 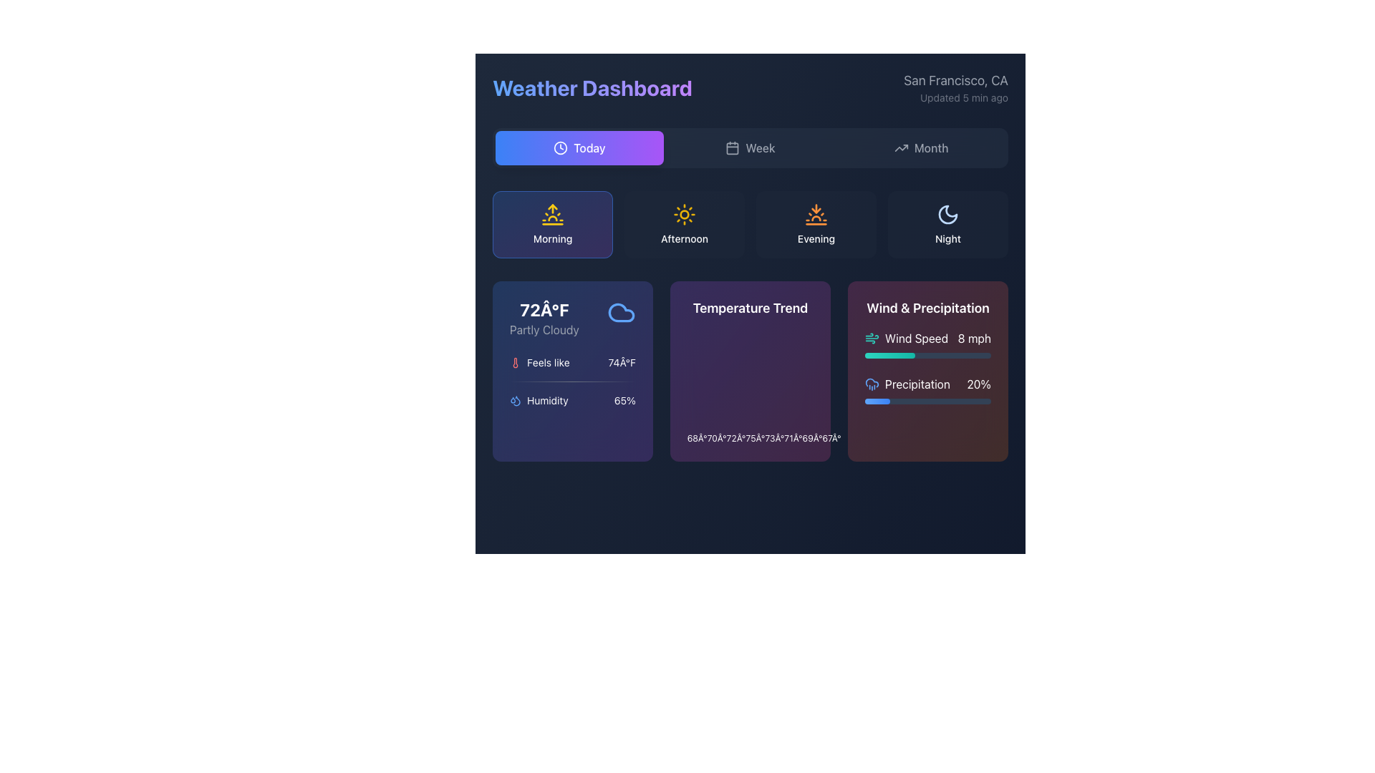 What do you see at coordinates (552, 215) in the screenshot?
I see `the yellow sunrise icon located in the top-left 'Morning' card of the interface` at bounding box center [552, 215].